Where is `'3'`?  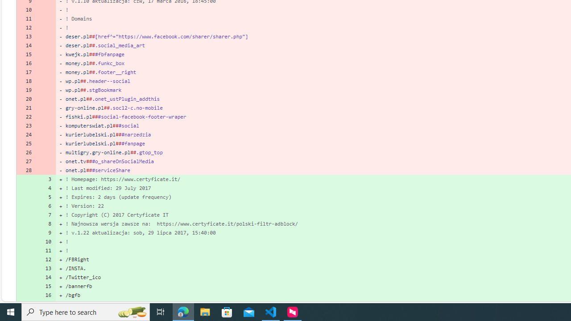
'3' is located at coordinates (46, 179).